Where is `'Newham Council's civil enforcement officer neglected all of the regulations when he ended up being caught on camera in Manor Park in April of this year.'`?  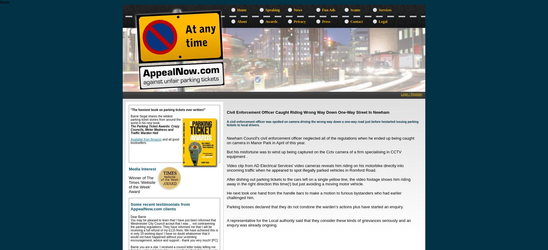
'Newham Council's civil enforcement officer neglected all of the regulations when he ended up being caught on camera in Manor Park in April of this year.' is located at coordinates (320, 140).